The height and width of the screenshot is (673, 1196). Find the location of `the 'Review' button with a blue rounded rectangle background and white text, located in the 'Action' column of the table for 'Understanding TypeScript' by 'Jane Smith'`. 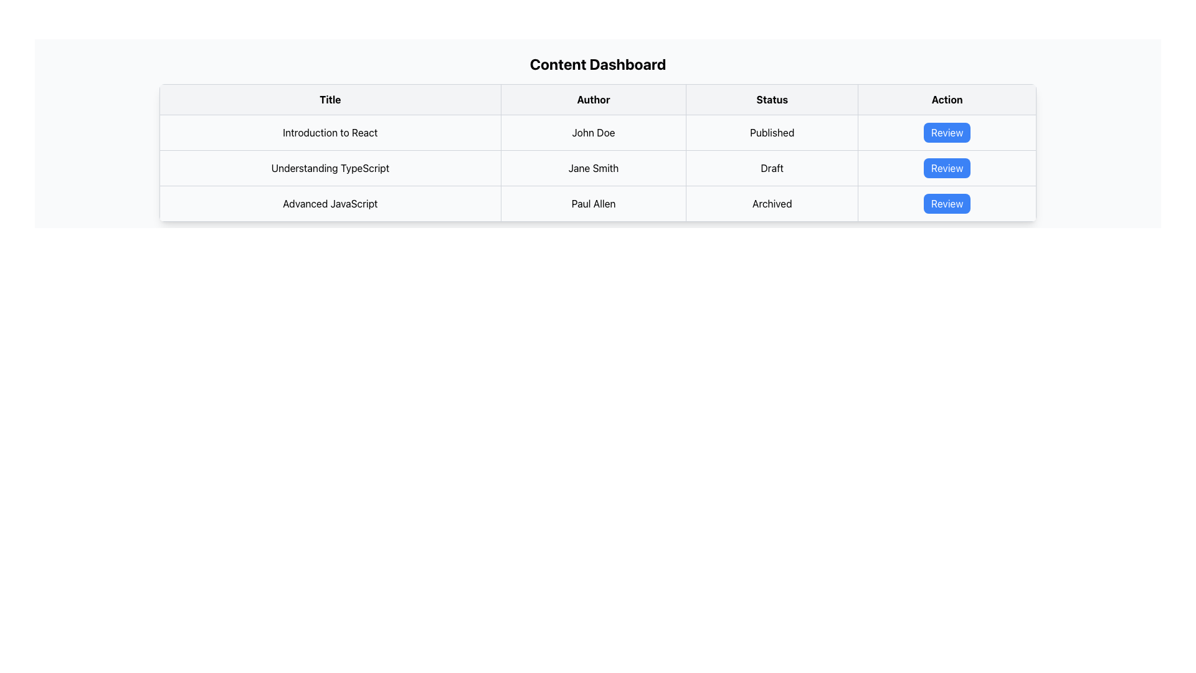

the 'Review' button with a blue rounded rectangle background and white text, located in the 'Action' column of the table for 'Understanding TypeScript' by 'Jane Smith' is located at coordinates (947, 168).